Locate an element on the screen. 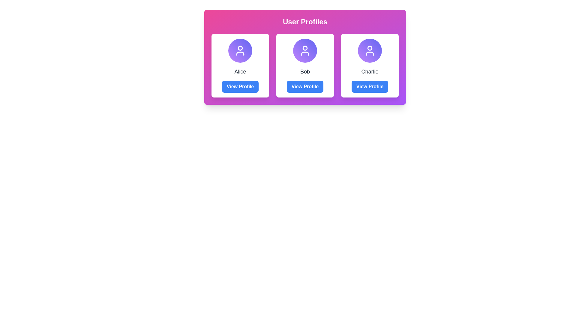  the button located at the bottom of the user profile card is located at coordinates (240, 87).